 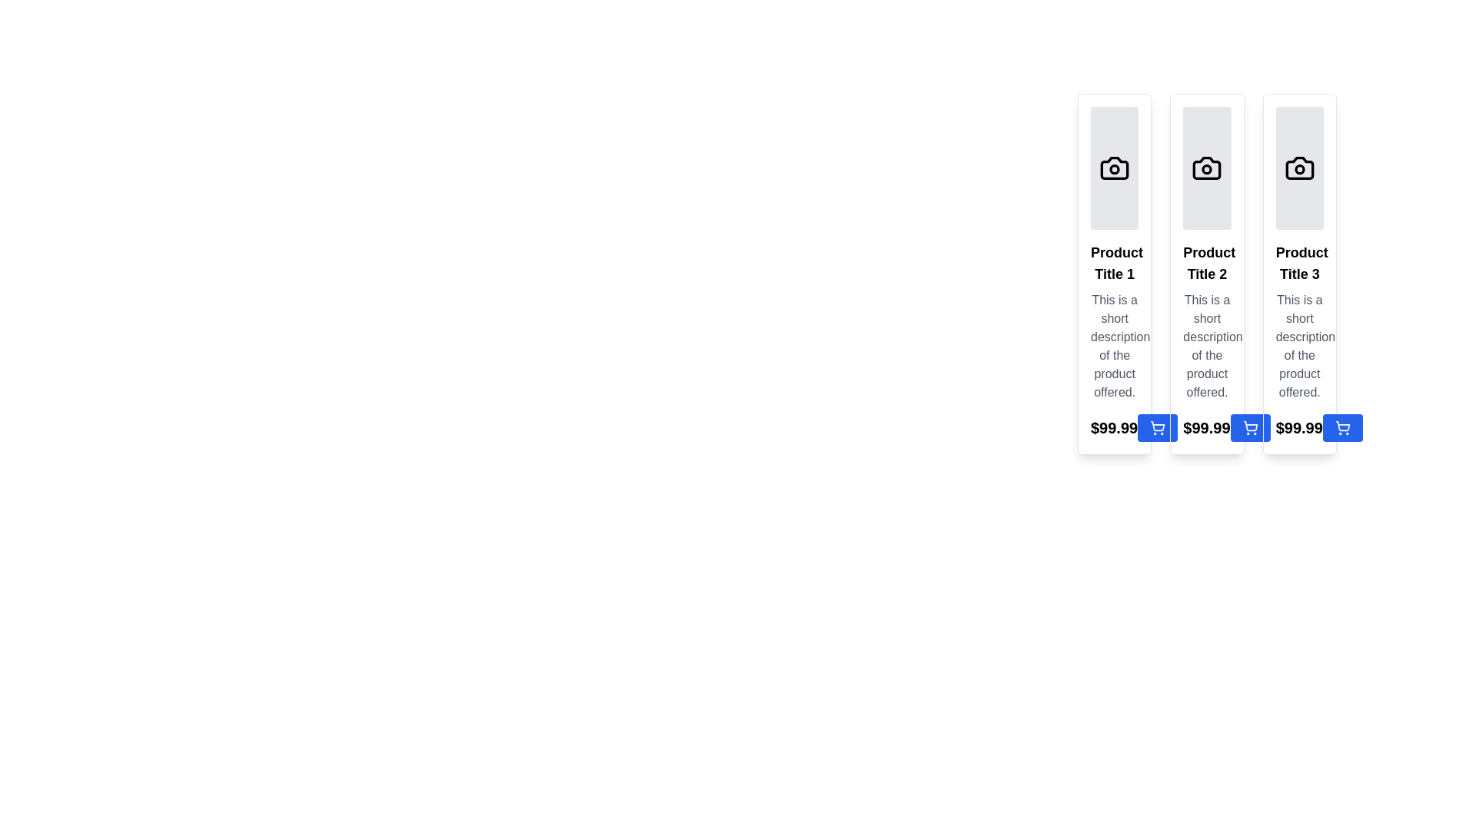 I want to click on the second product card in the grid layout, so click(x=1205, y=274).